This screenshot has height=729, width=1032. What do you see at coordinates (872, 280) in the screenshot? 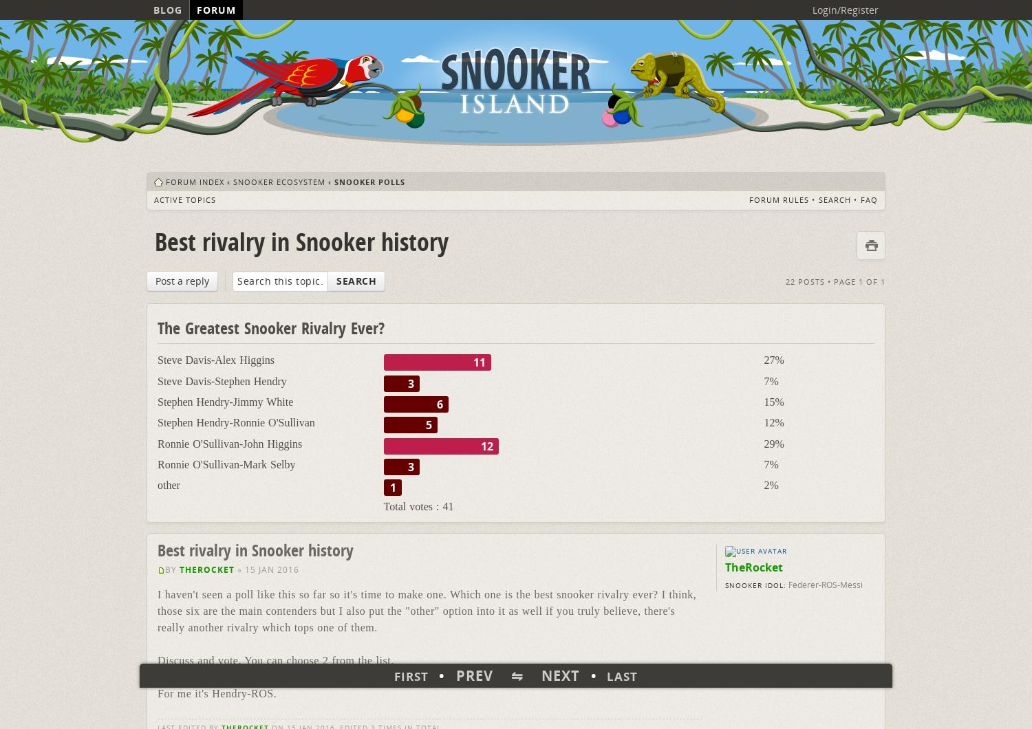
I see `'of'` at bounding box center [872, 280].